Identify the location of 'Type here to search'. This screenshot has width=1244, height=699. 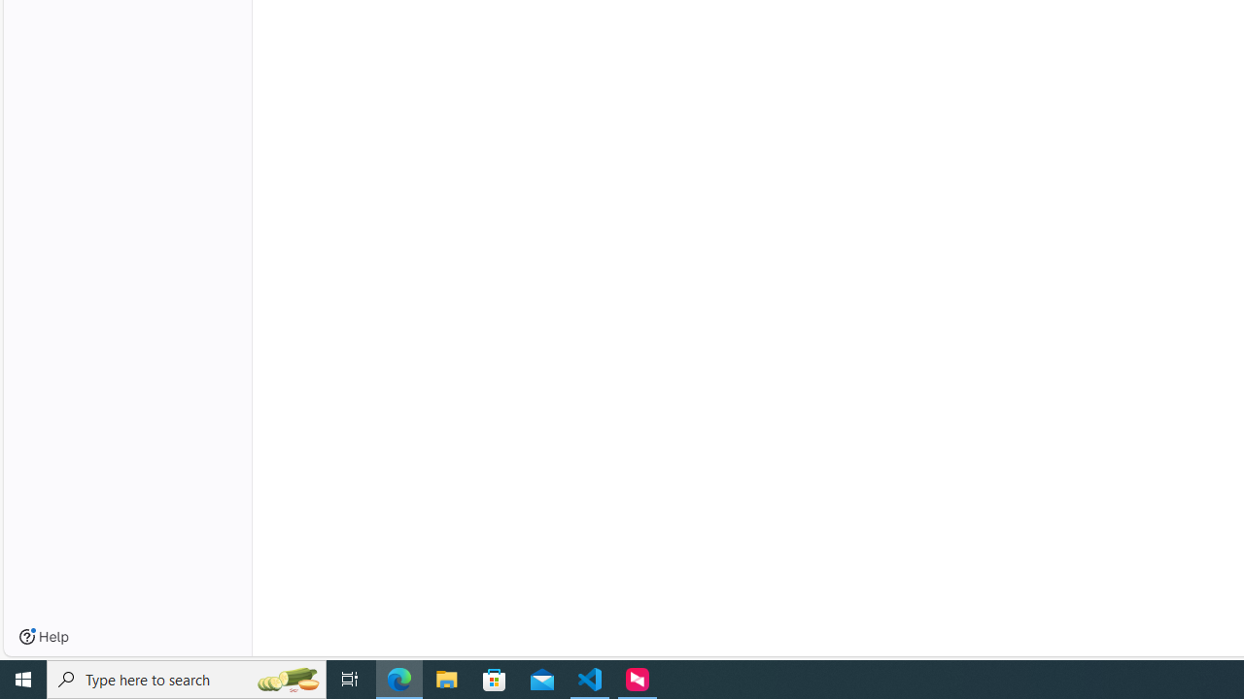
(187, 678).